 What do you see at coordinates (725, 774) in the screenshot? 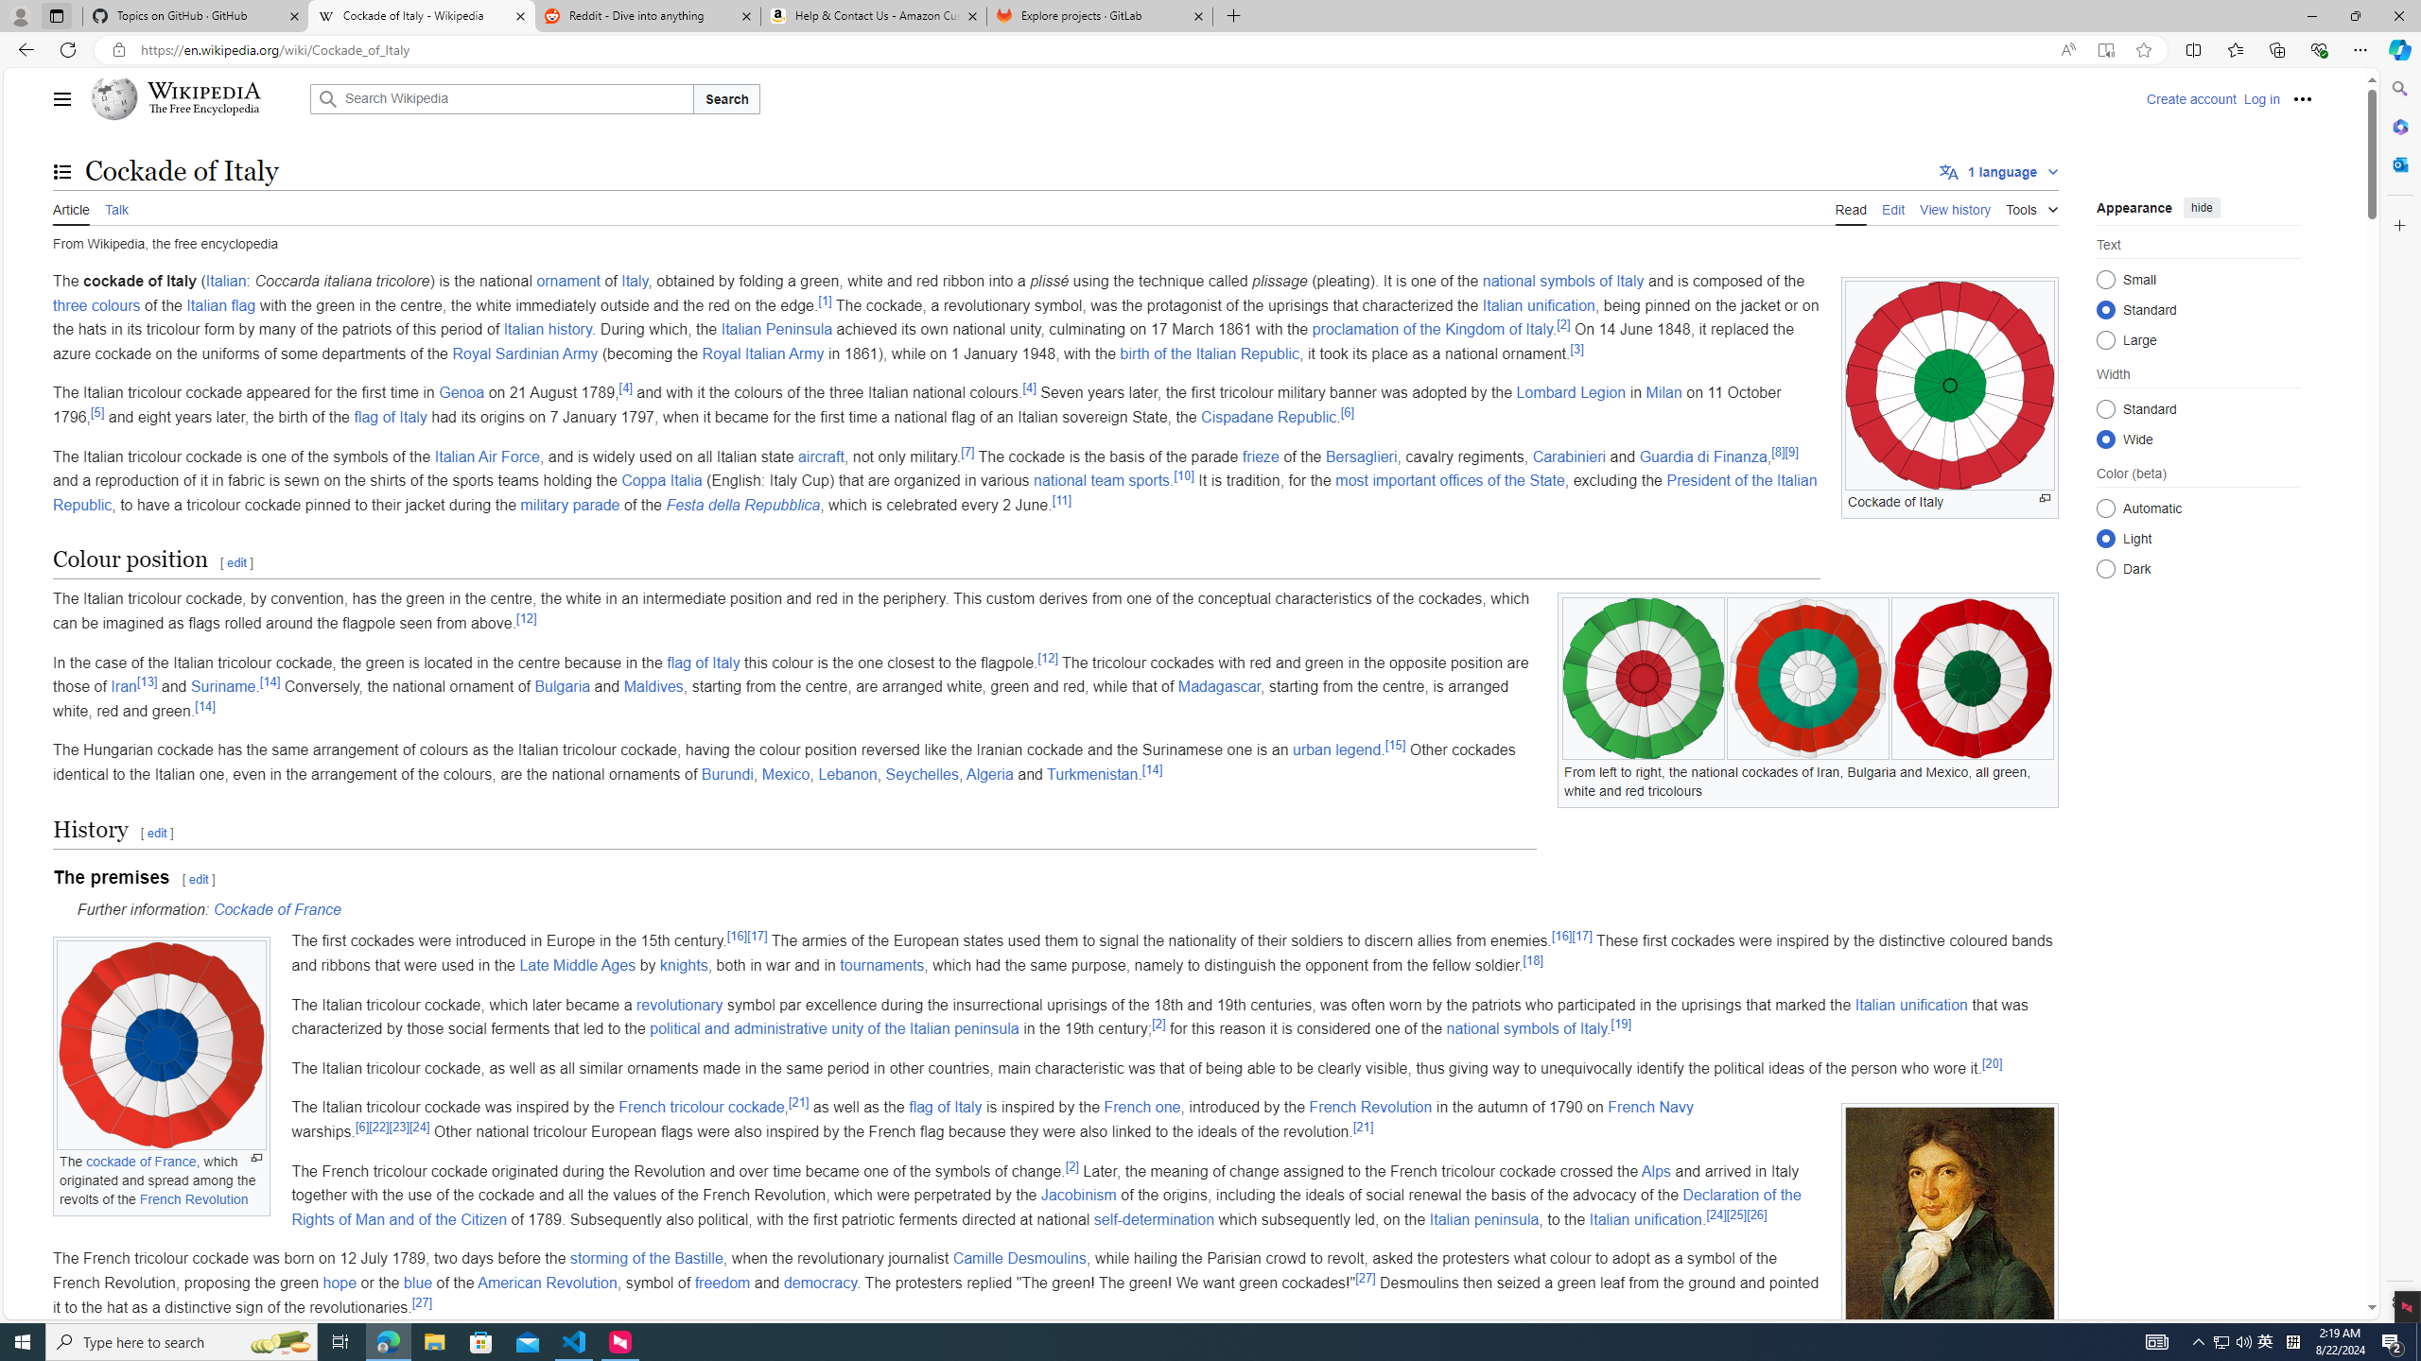
I see `'Burundi'` at bounding box center [725, 774].